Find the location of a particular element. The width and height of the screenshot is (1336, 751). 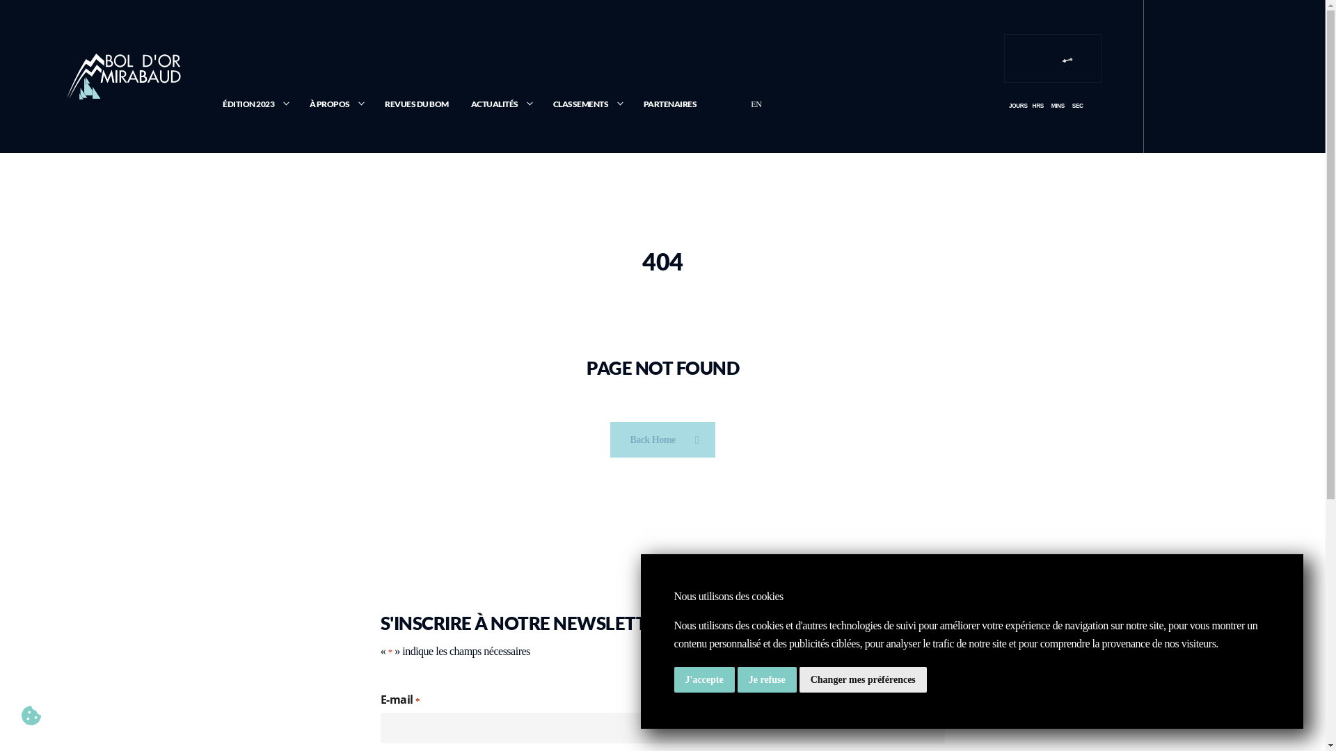

'EN' is located at coordinates (750, 104).